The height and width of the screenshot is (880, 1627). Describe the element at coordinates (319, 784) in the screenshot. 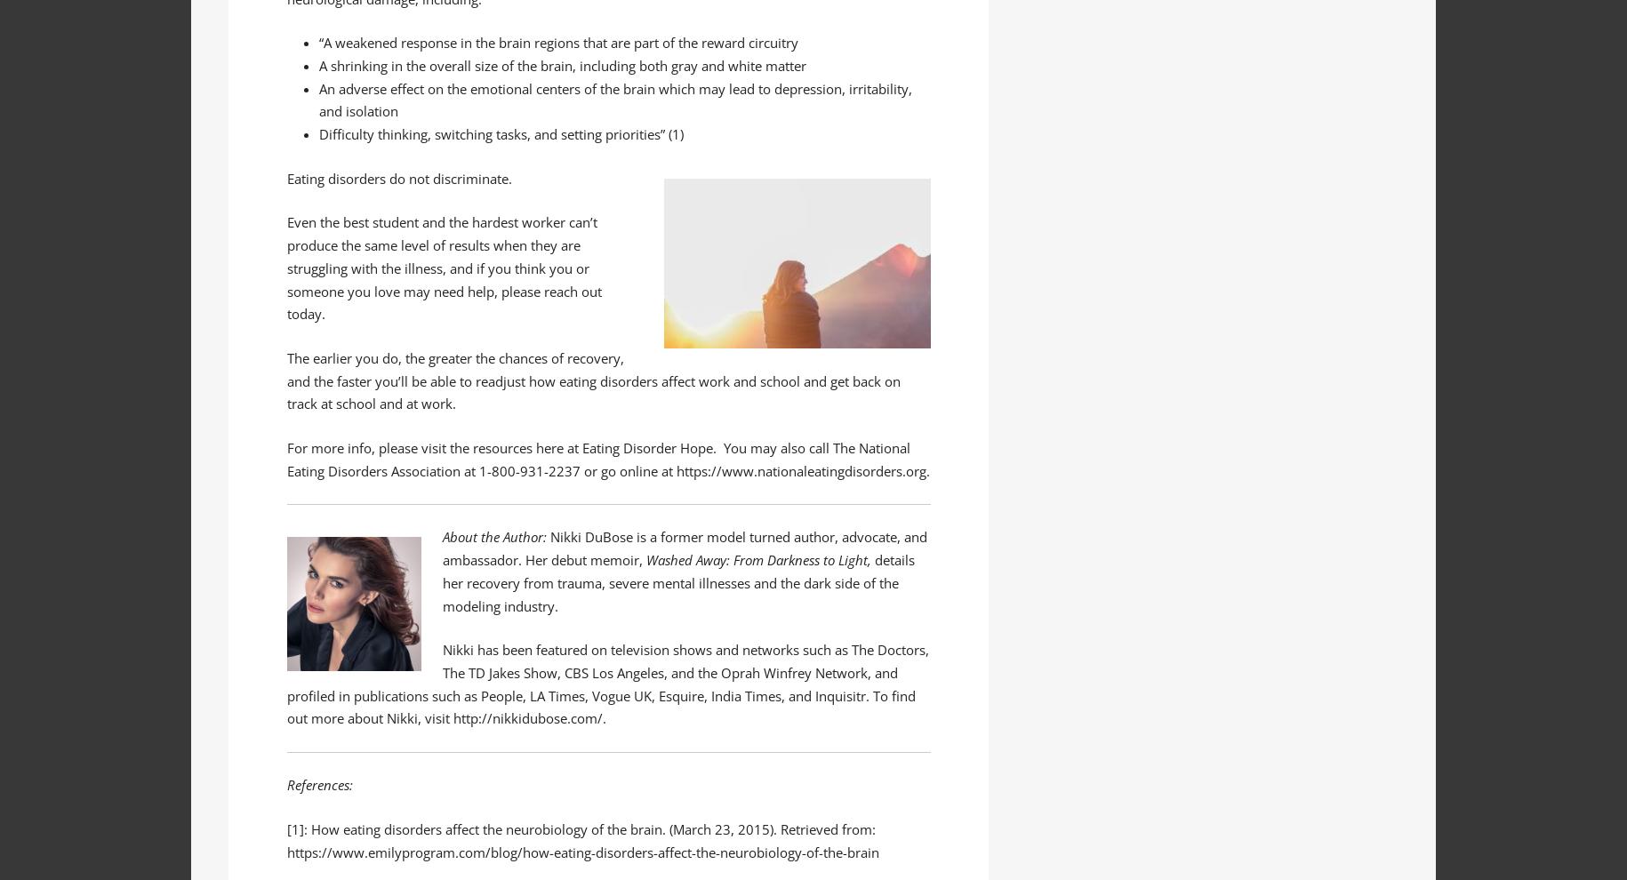

I see `'References:'` at that location.